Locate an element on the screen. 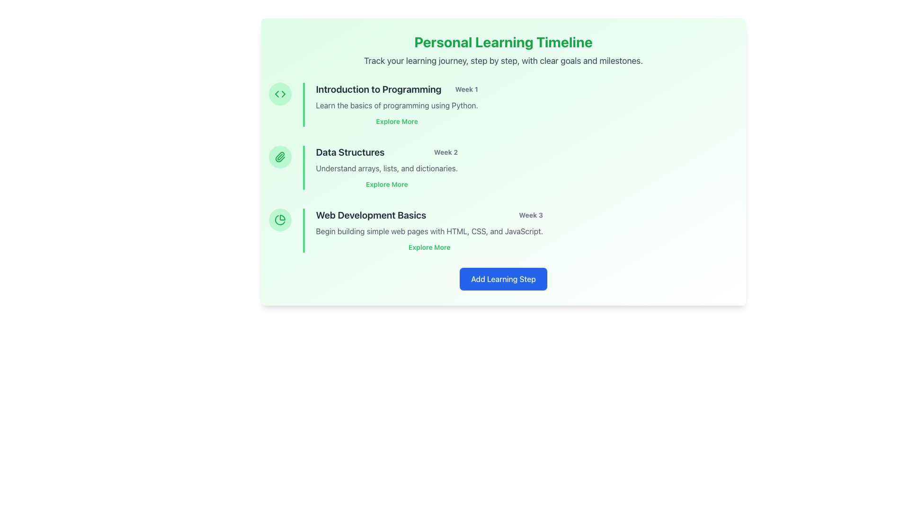 This screenshot has height=511, width=909. the static text label displaying 'Week 2', which is located on the right side of the second row in the 'Personal Learning Timeline', aligned with the bold text 'Data Structures' is located at coordinates (445, 151).